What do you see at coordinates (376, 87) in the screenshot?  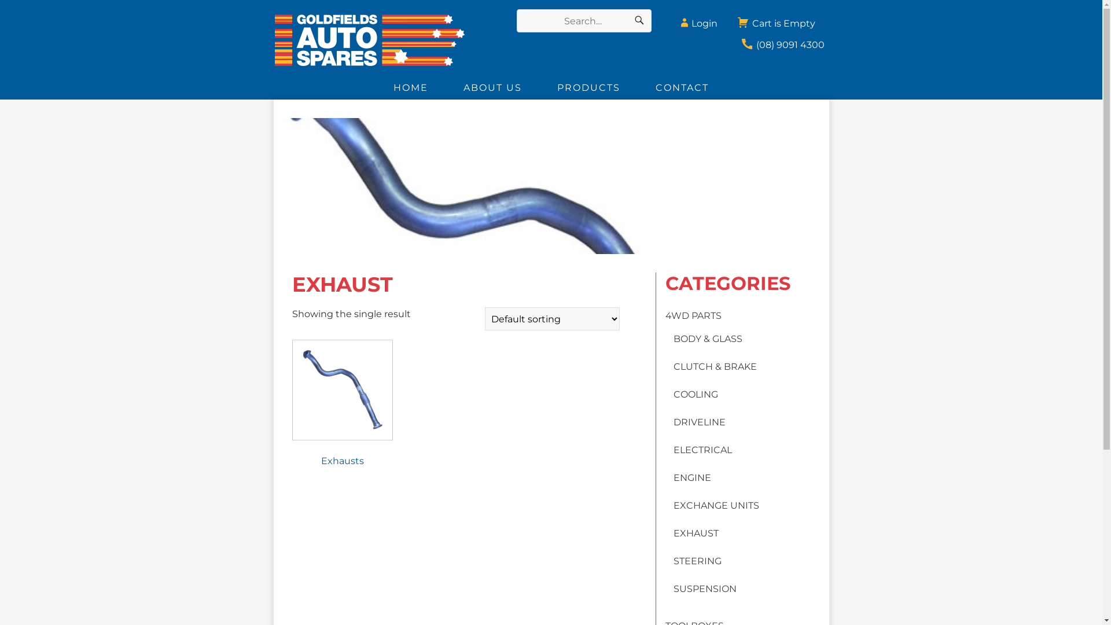 I see `'HOME'` at bounding box center [376, 87].